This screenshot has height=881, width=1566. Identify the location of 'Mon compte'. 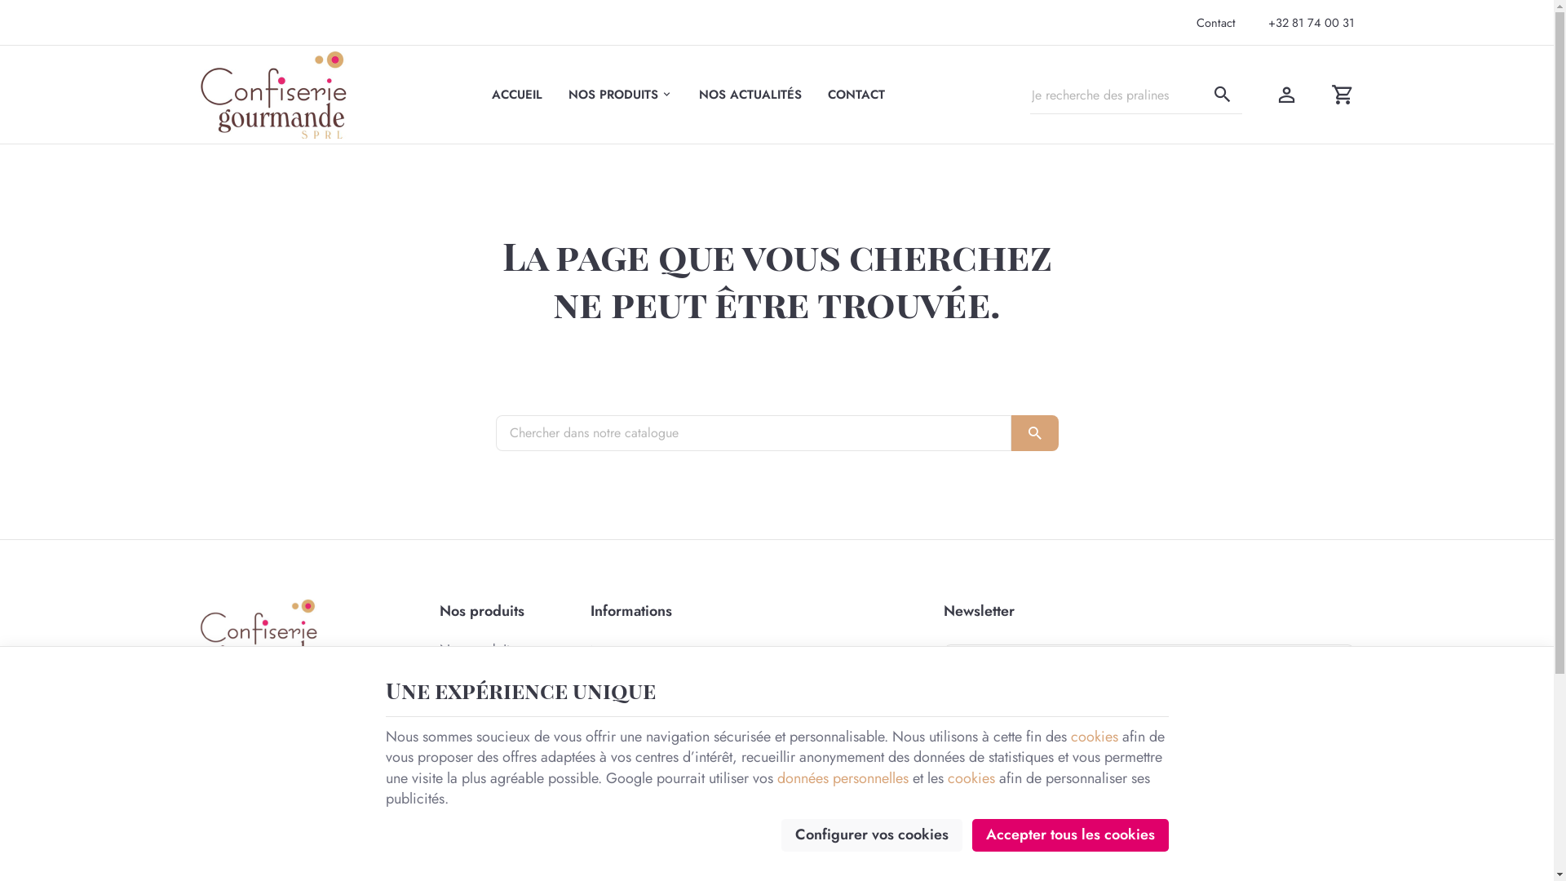
(1257, 94).